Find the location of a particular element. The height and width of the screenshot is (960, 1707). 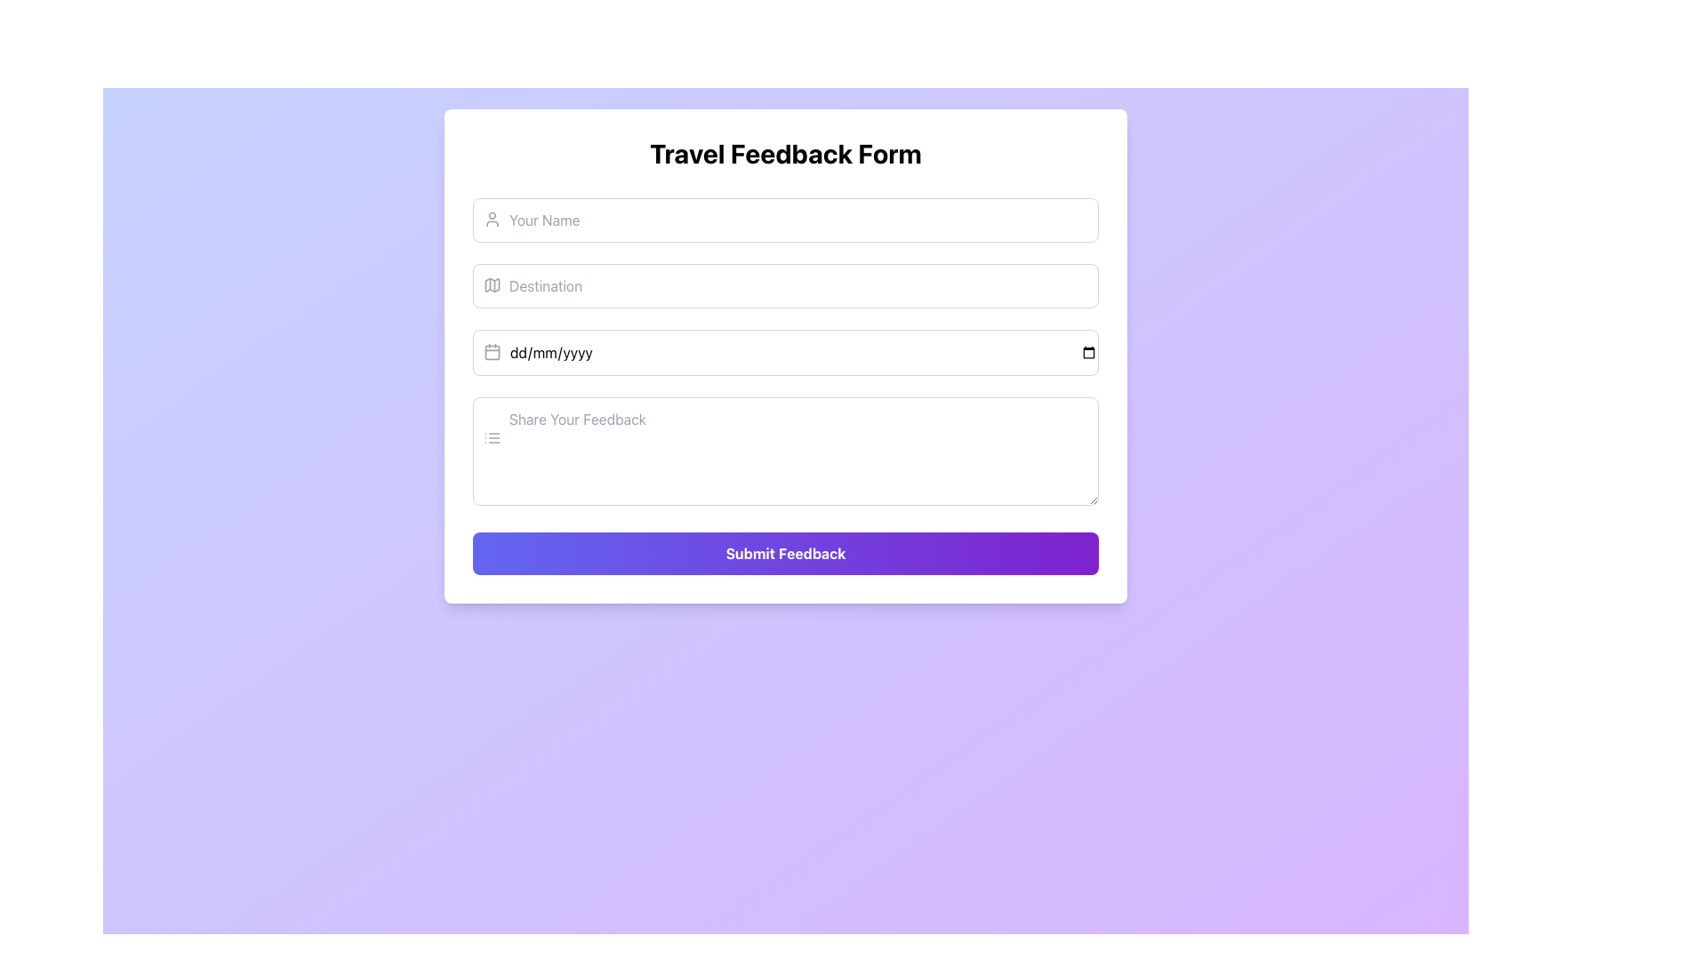

the submission button located at the bottom of the feedback form is located at coordinates (784, 553).